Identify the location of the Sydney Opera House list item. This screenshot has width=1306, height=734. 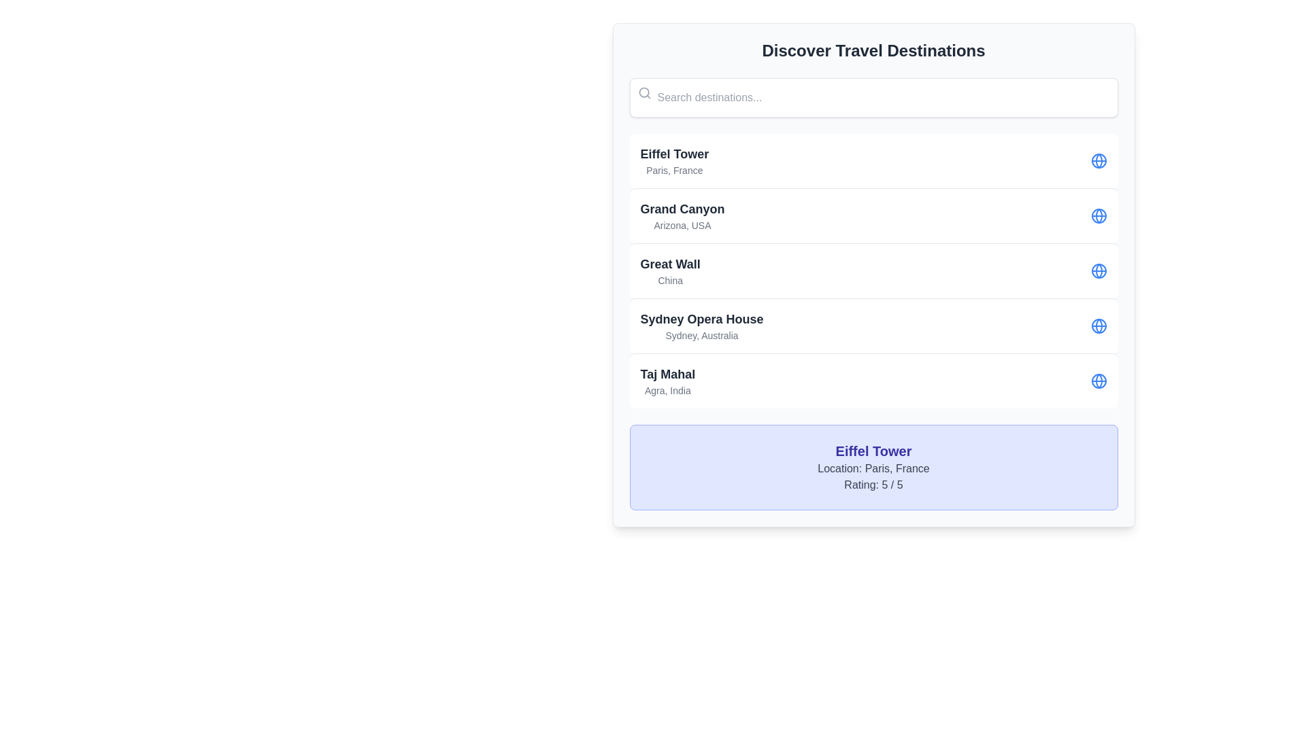
(873, 326).